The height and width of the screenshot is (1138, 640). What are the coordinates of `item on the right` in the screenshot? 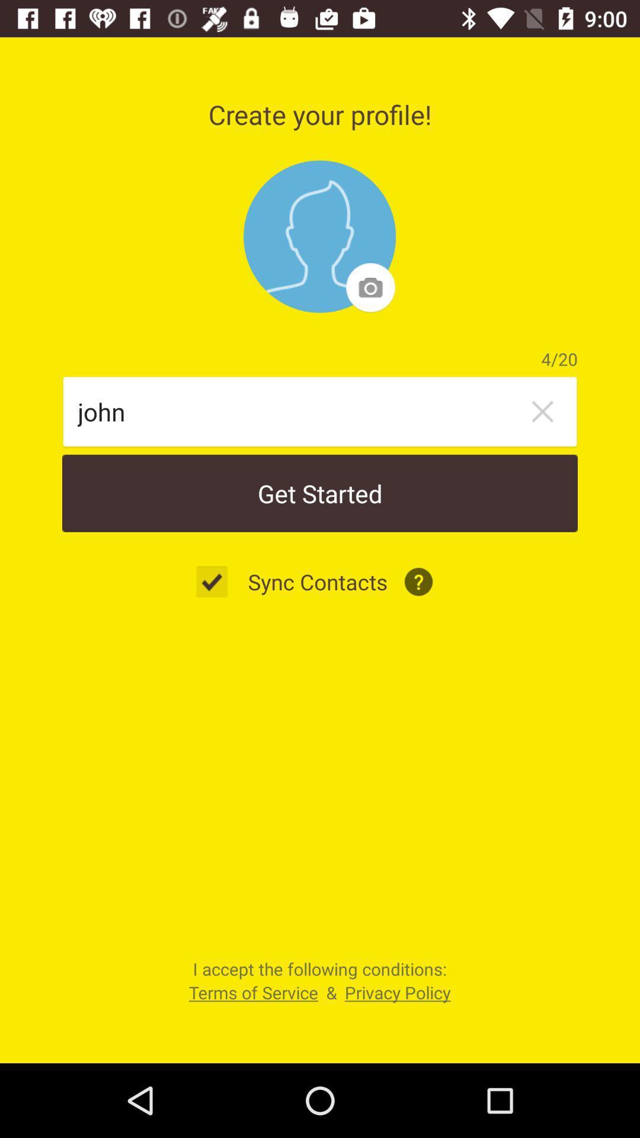 It's located at (542, 411).